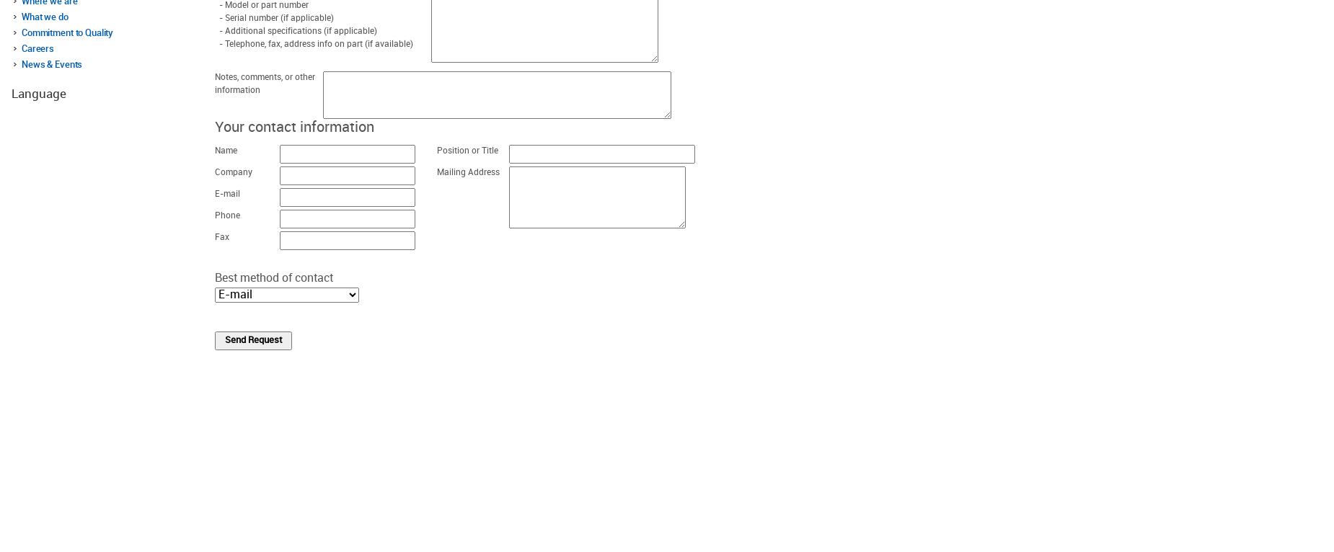  I want to click on 'Phone', so click(226, 215).